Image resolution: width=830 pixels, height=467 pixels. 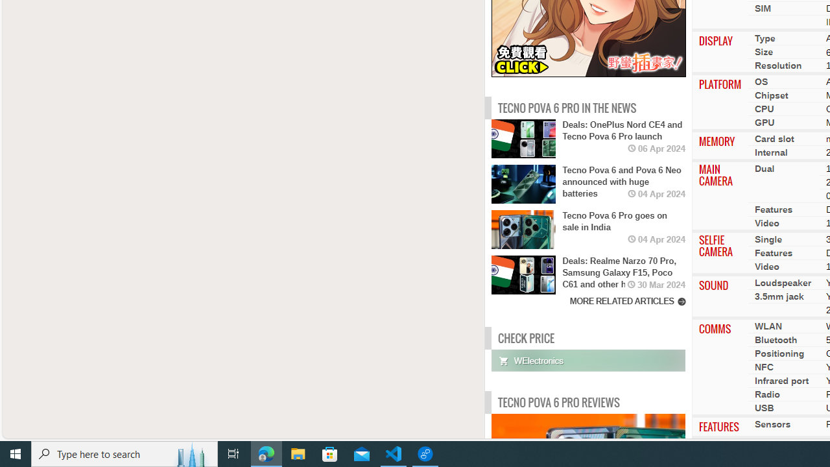 I want to click on 'CPU', so click(x=764, y=108).